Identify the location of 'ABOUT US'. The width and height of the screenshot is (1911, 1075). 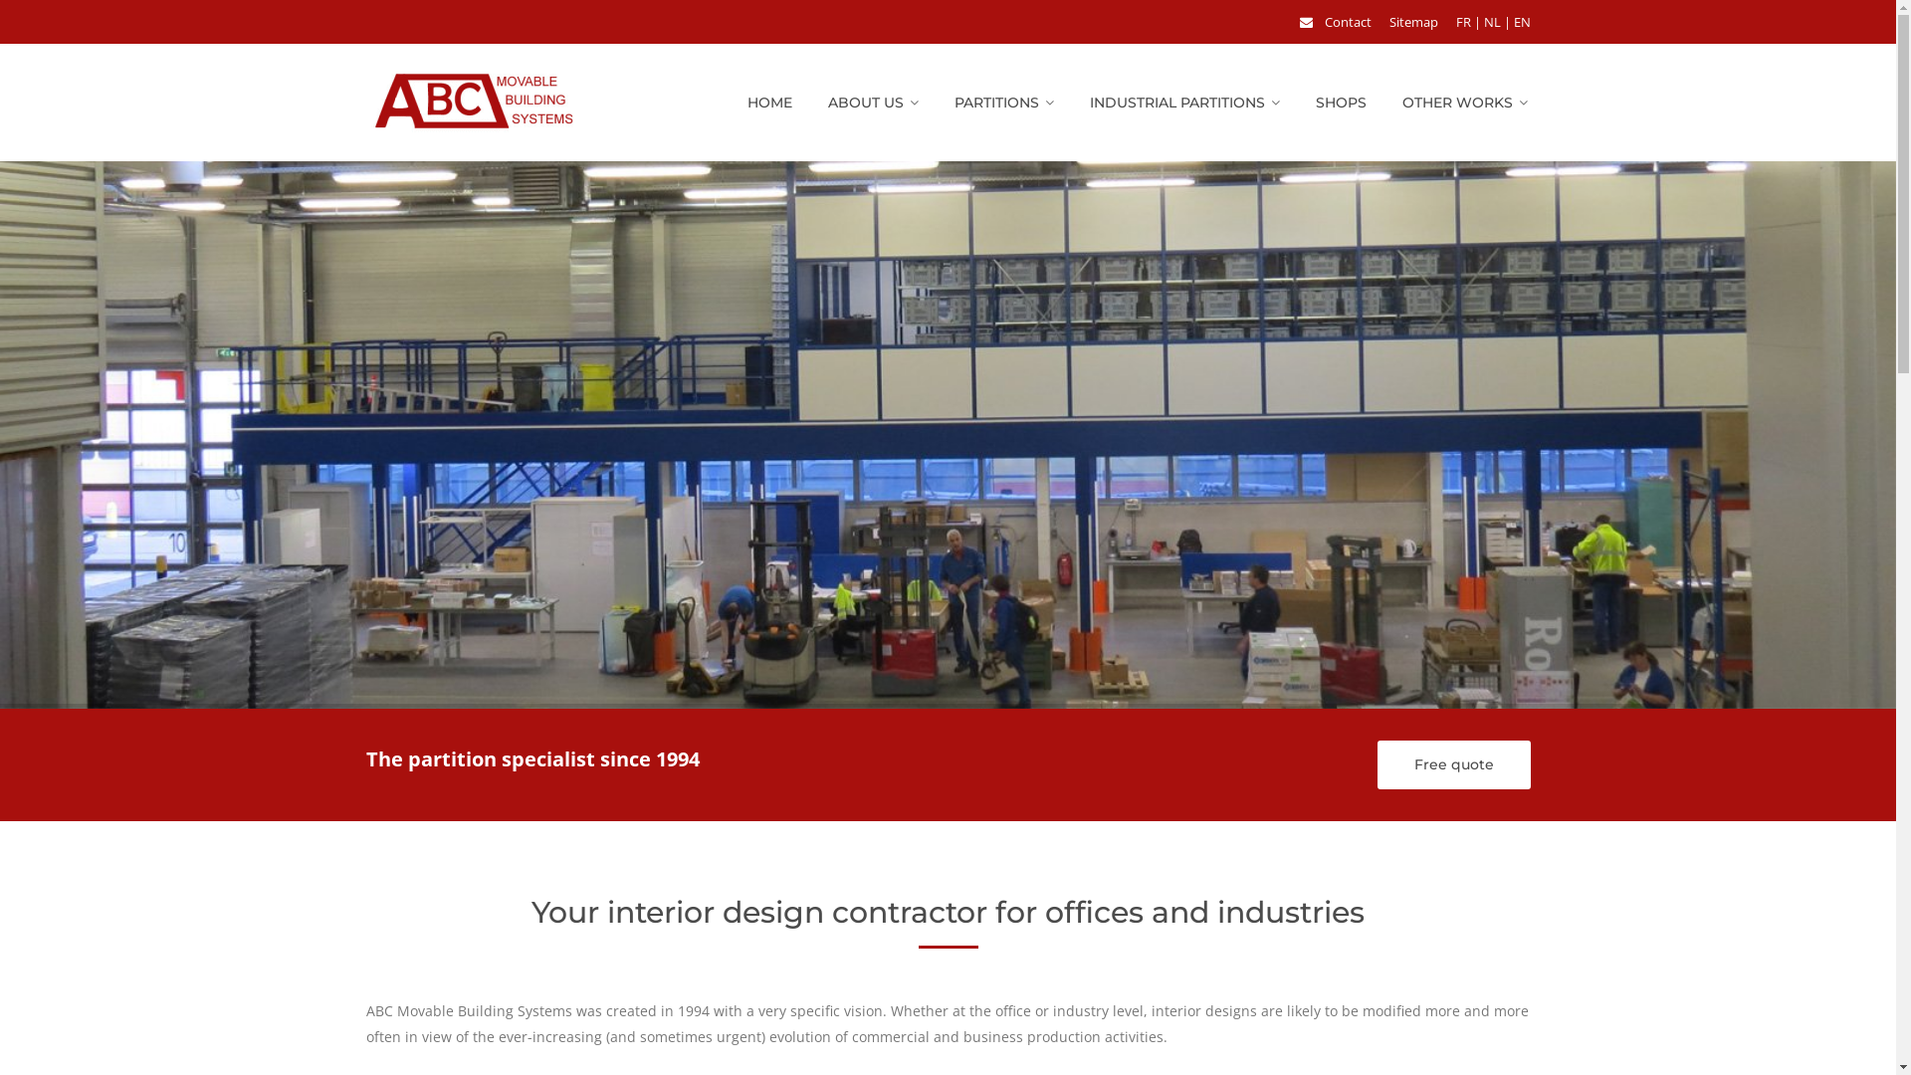
(873, 103).